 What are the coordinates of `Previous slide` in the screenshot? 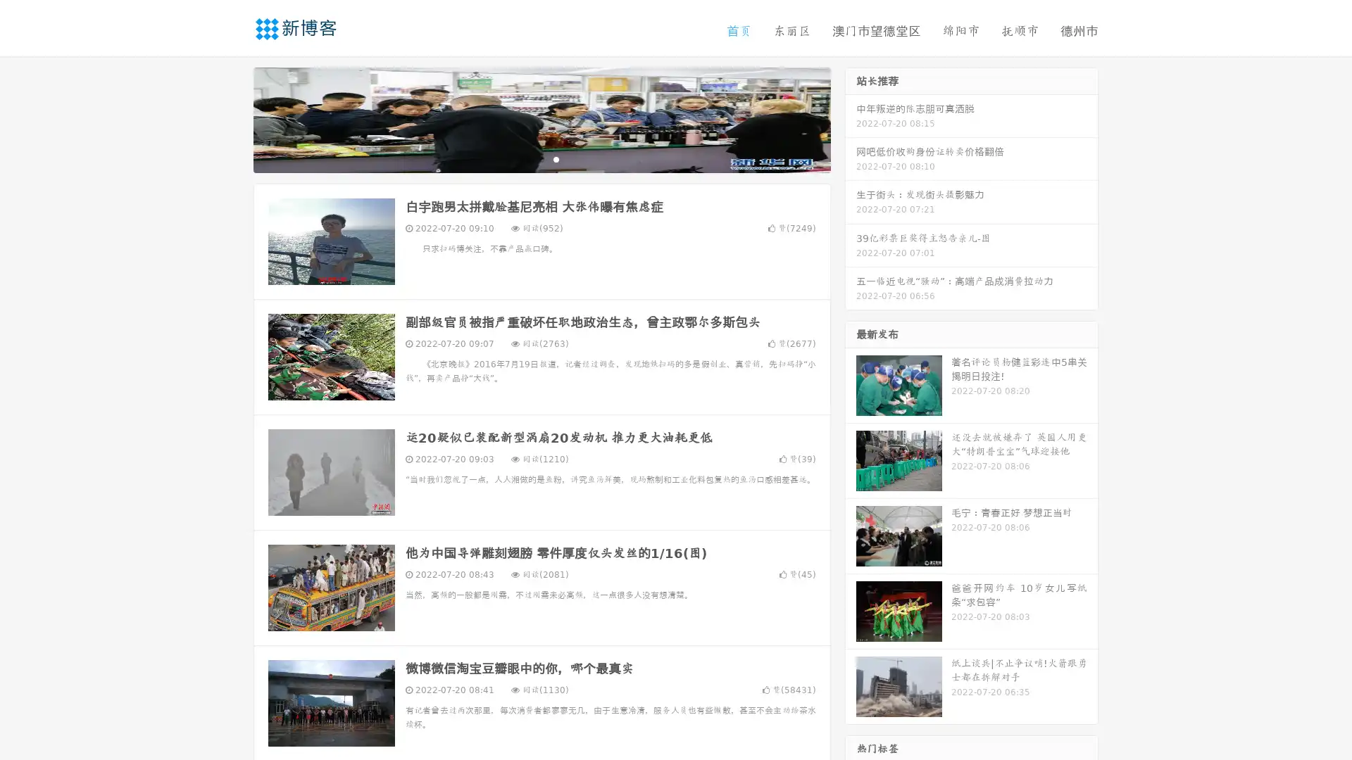 It's located at (232, 118).